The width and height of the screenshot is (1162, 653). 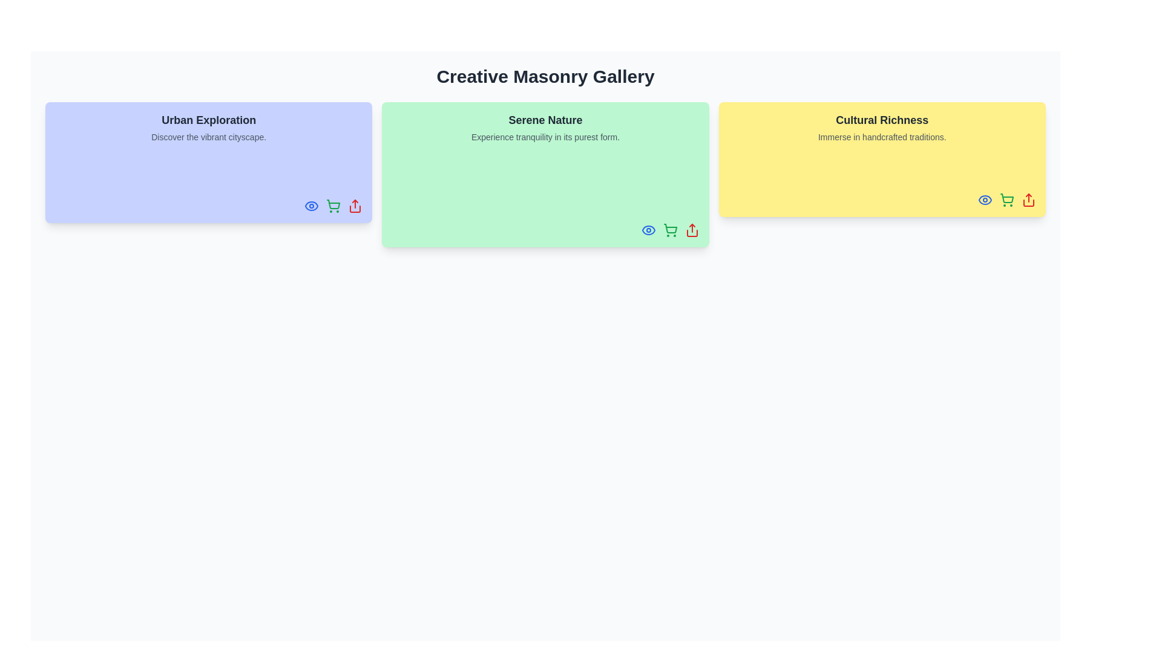 I want to click on the text element reading 'Immerse in handcrafted traditions.' positioned below the title 'Cultural Richness' on the yellow background, so click(x=882, y=137).